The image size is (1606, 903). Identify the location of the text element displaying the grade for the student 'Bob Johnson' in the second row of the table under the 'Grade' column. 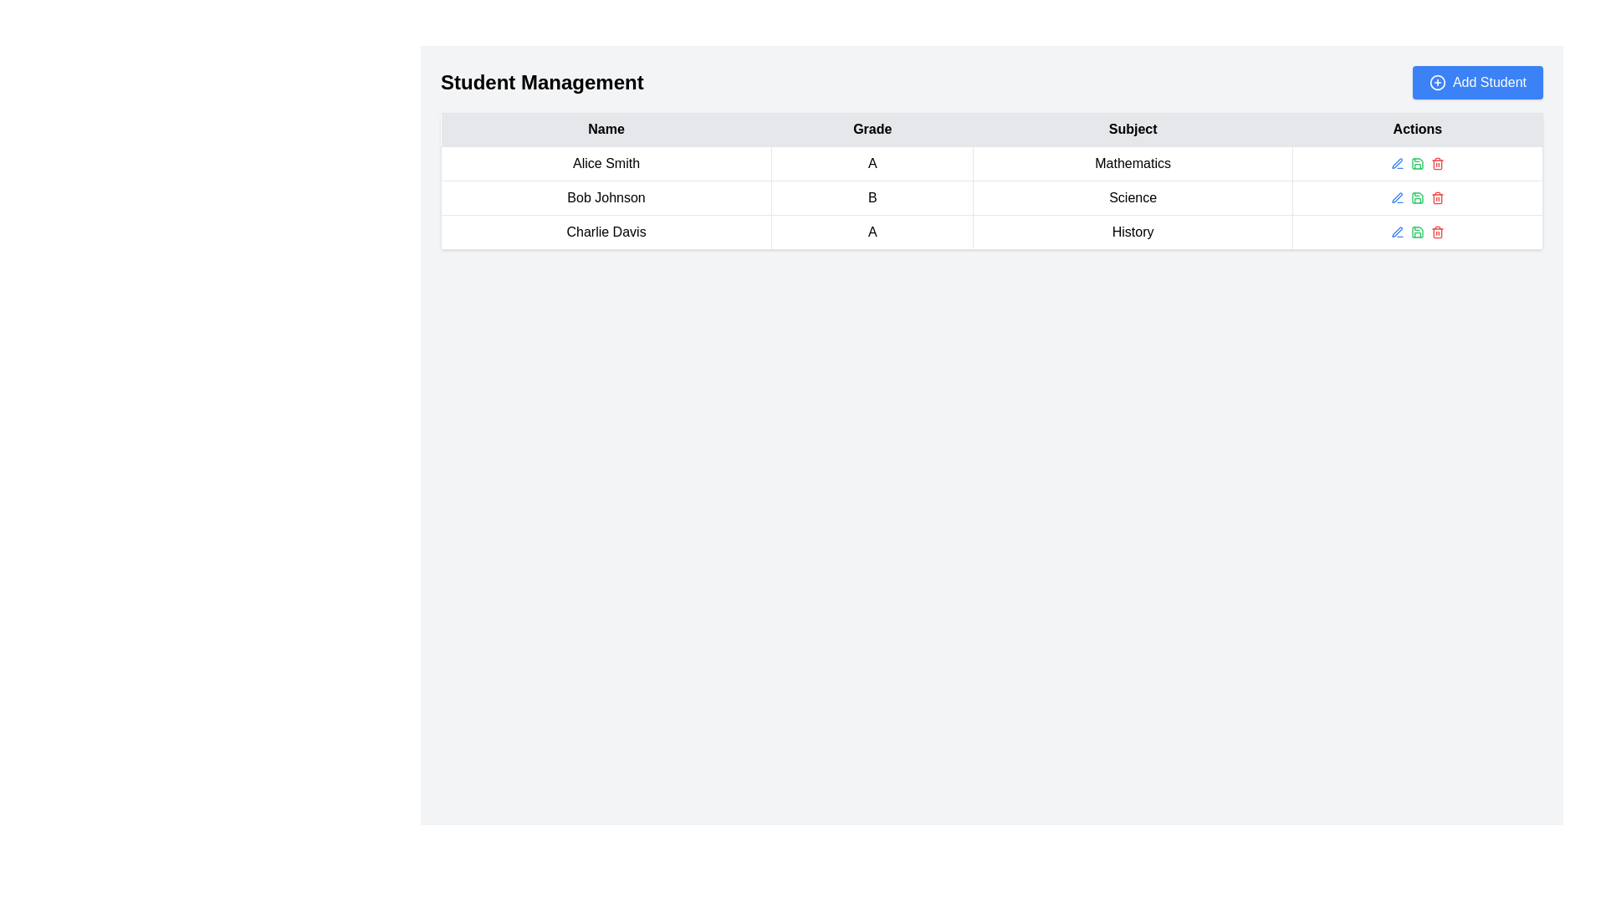
(872, 196).